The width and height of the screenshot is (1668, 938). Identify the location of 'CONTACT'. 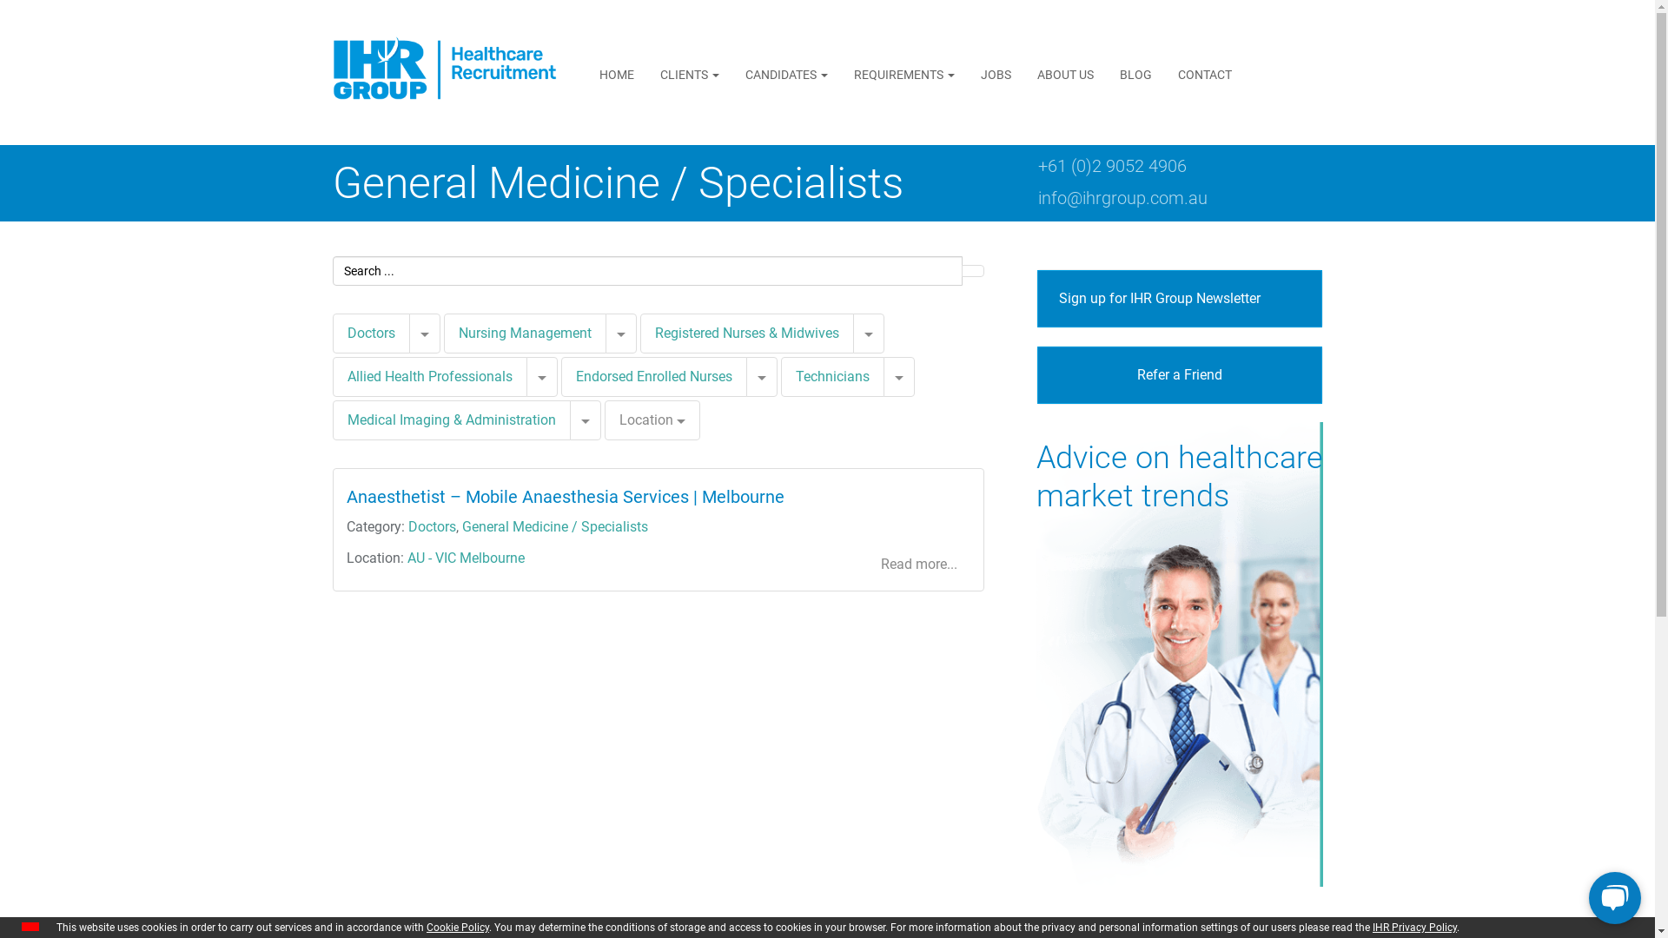
(1204, 73).